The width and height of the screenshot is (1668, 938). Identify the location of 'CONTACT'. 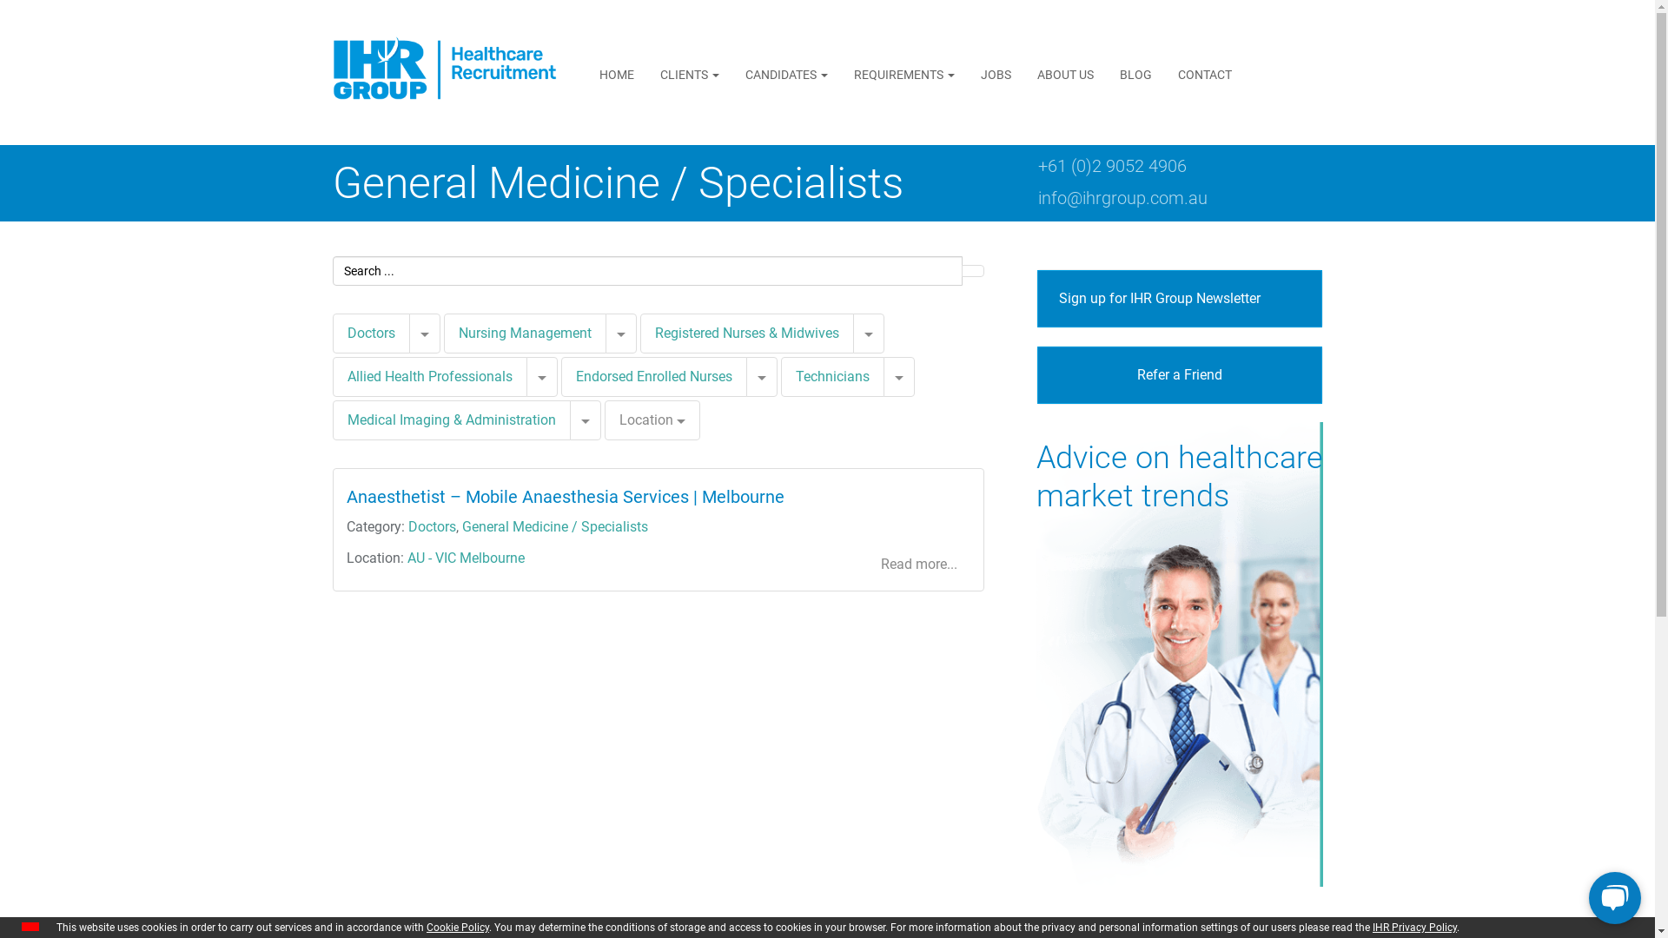
(1204, 73).